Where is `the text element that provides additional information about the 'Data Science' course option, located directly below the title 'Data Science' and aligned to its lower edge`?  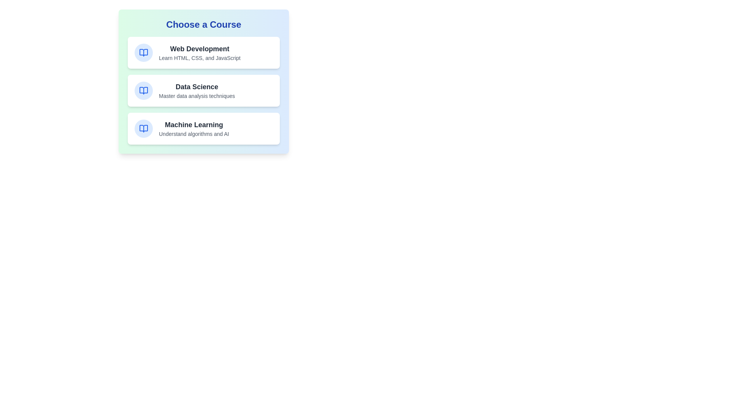
the text element that provides additional information about the 'Data Science' course option, located directly below the title 'Data Science' and aligned to its lower edge is located at coordinates (197, 96).